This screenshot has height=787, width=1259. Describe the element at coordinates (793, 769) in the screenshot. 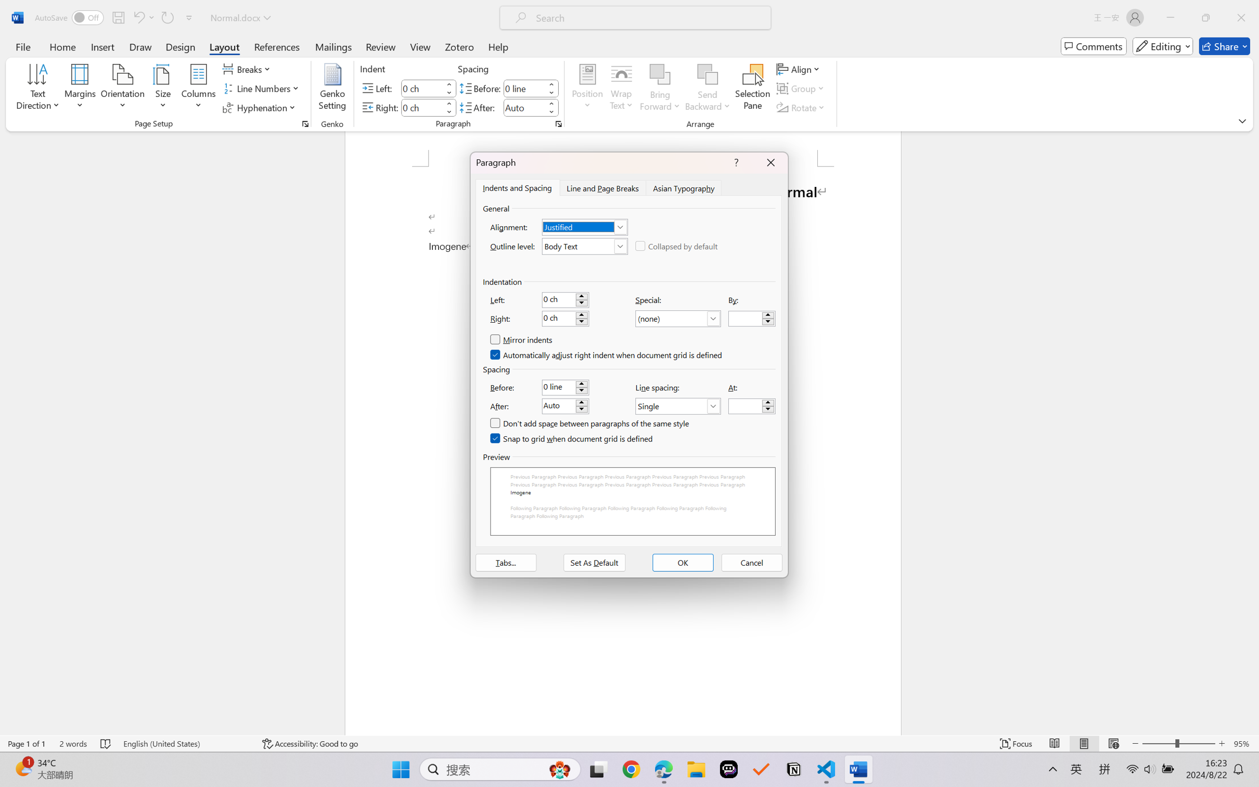

I see `'Notion'` at that location.